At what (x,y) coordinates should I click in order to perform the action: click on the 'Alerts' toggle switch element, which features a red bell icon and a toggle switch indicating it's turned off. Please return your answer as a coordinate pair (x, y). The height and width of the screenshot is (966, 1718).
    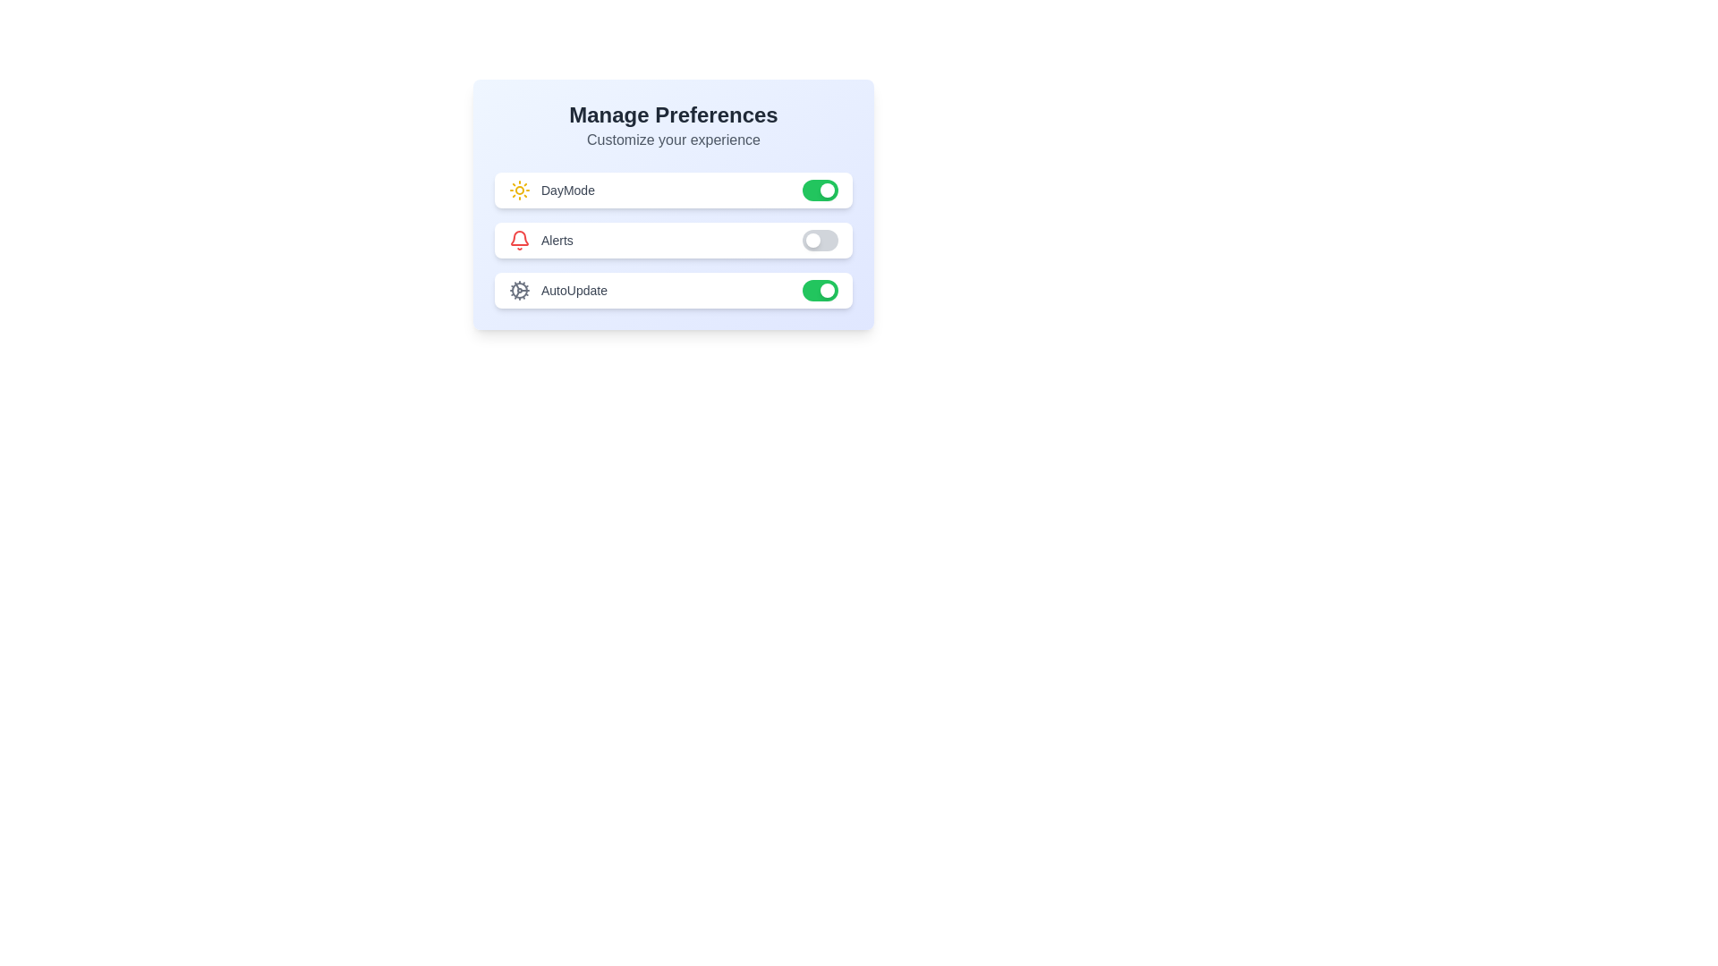
    Looking at the image, I should click on (673, 240).